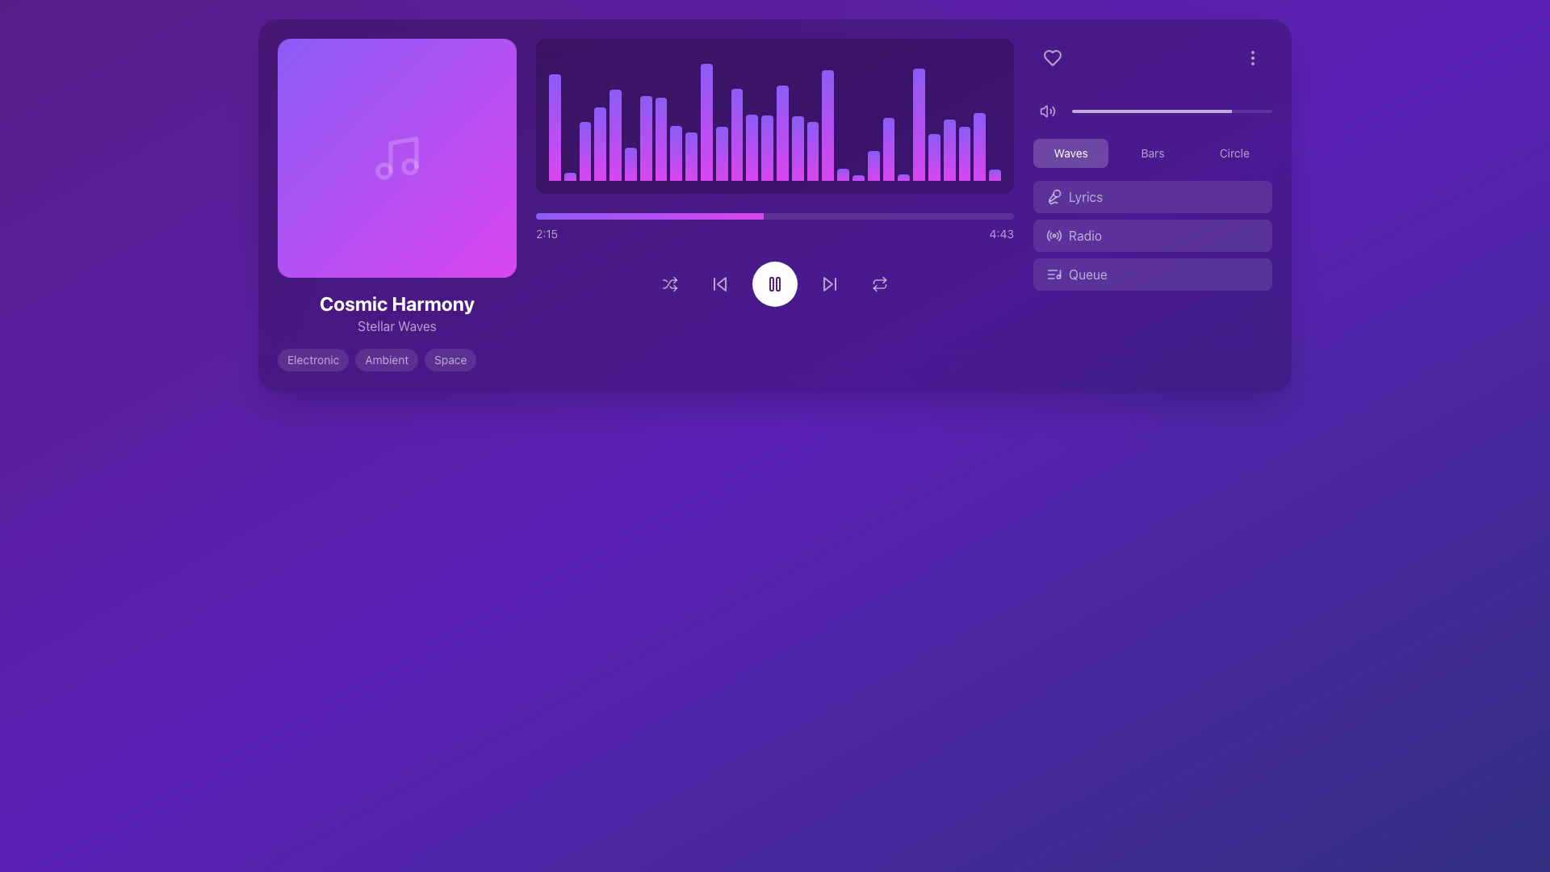  What do you see at coordinates (1152, 192) in the screenshot?
I see `the 'Lyrics' button located below 'Waves' and above 'Radio' in the top-right quadrant` at bounding box center [1152, 192].